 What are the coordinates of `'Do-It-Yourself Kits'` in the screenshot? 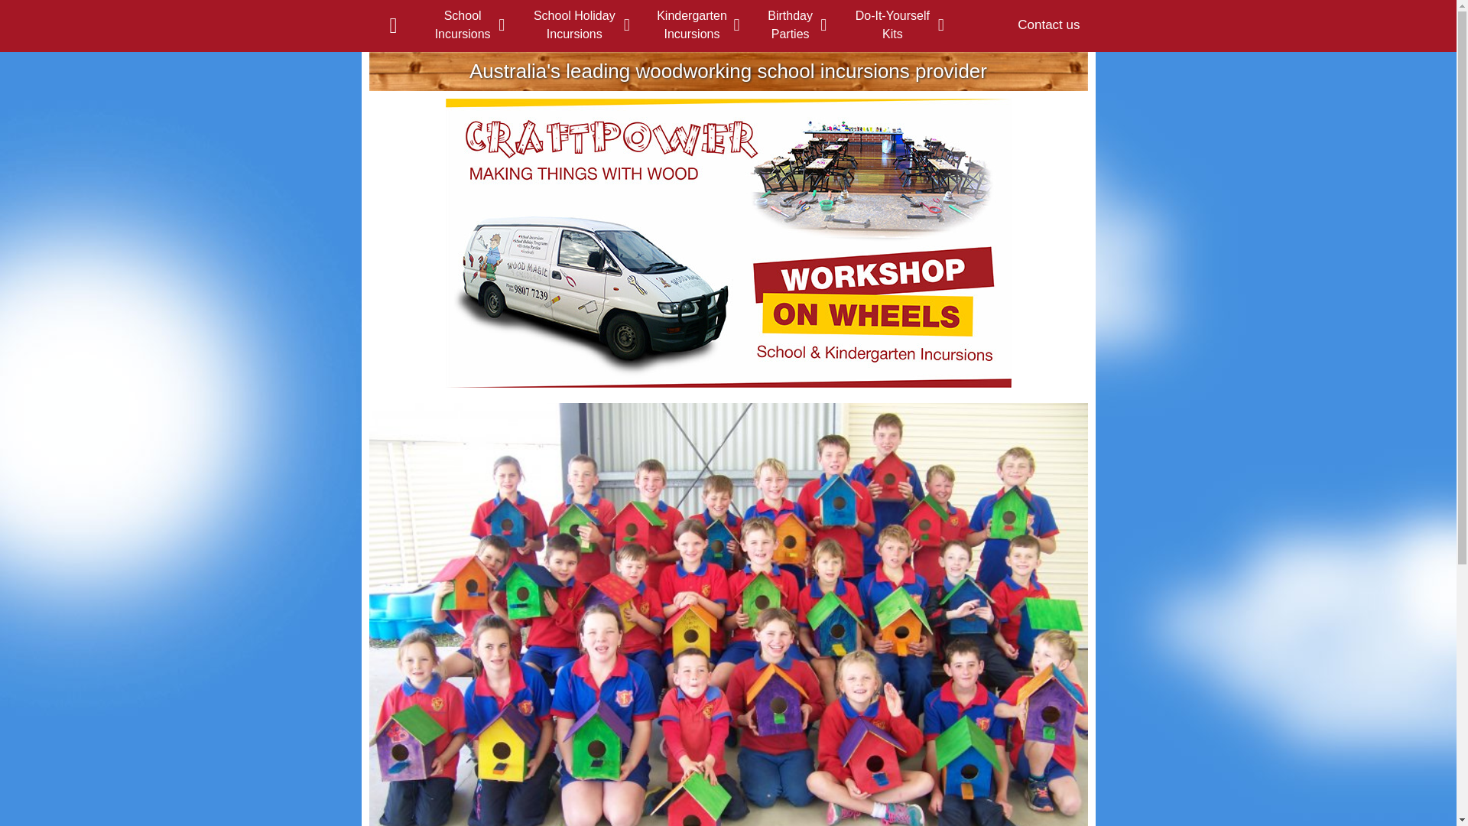 It's located at (892, 25).